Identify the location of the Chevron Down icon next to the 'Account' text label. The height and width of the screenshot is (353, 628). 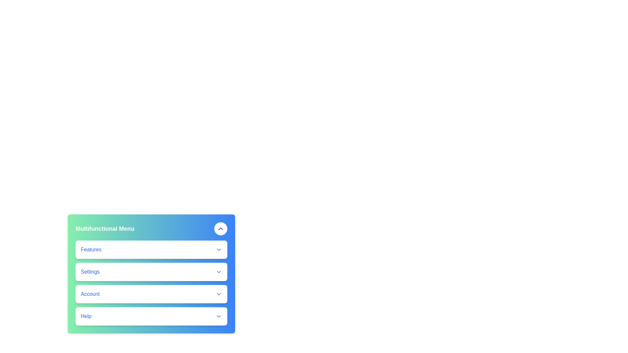
(218, 294).